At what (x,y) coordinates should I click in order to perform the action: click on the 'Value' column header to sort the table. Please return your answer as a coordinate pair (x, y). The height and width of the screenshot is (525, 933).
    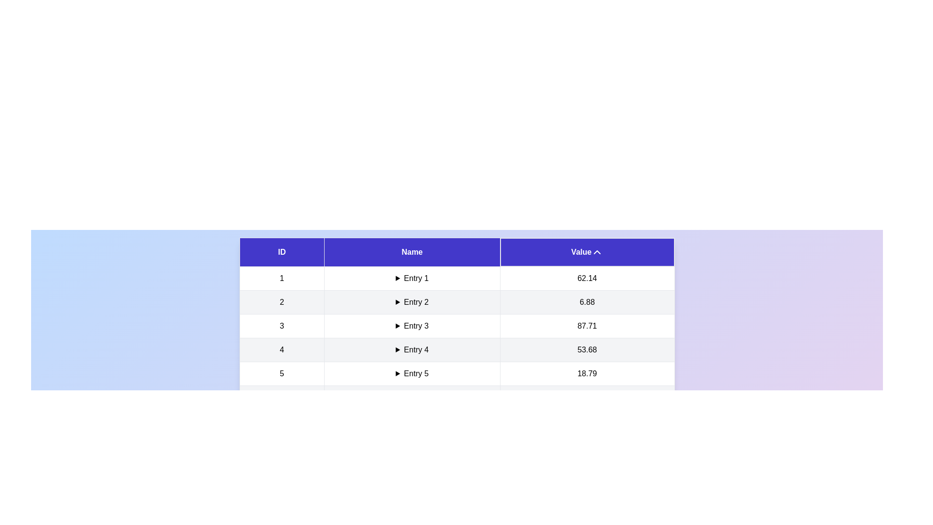
    Looking at the image, I should click on (587, 252).